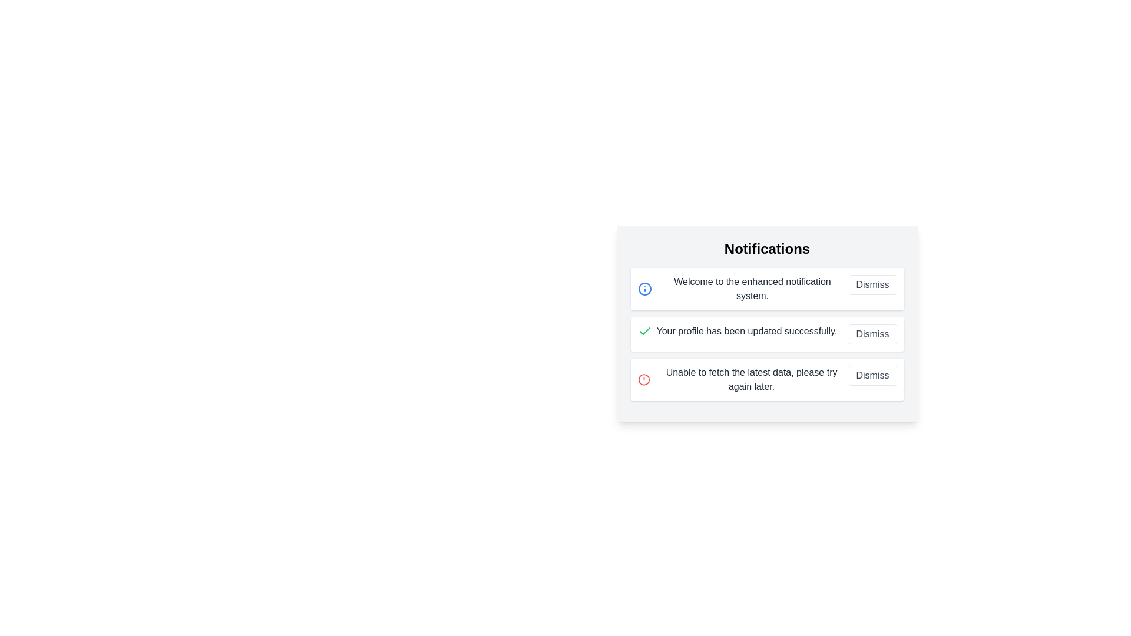 This screenshot has height=636, width=1131. I want to click on the text label displaying 'Welcome to the enhanced notification system' which is located at the top of the notification list, next to a blue informational icon, so click(742, 289).